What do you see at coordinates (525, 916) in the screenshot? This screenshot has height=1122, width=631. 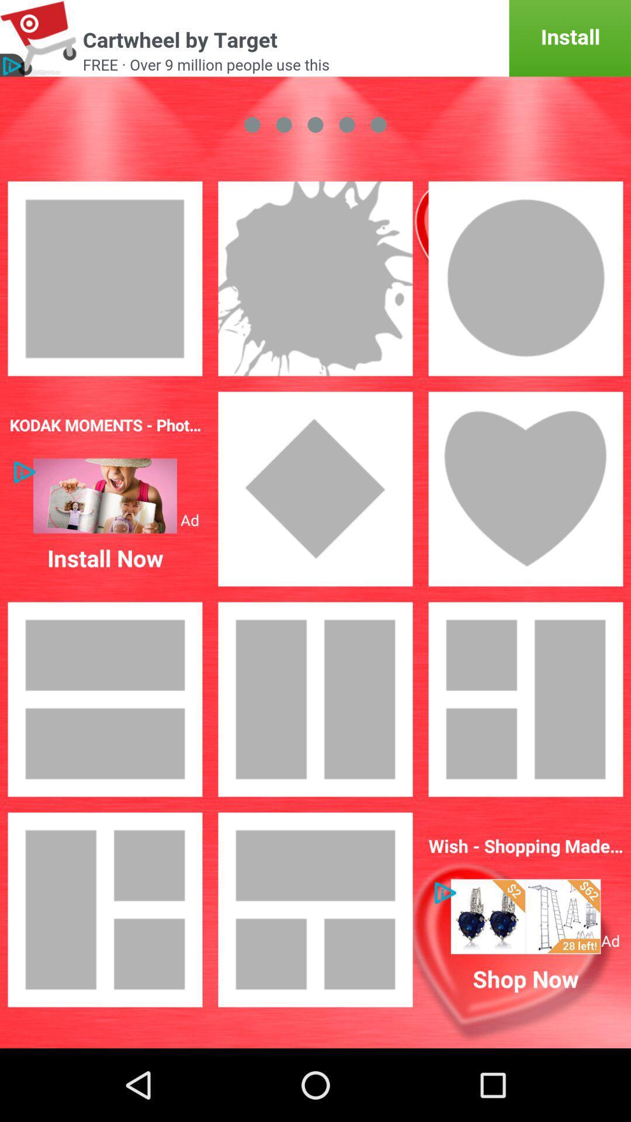 I see `banner` at bounding box center [525, 916].